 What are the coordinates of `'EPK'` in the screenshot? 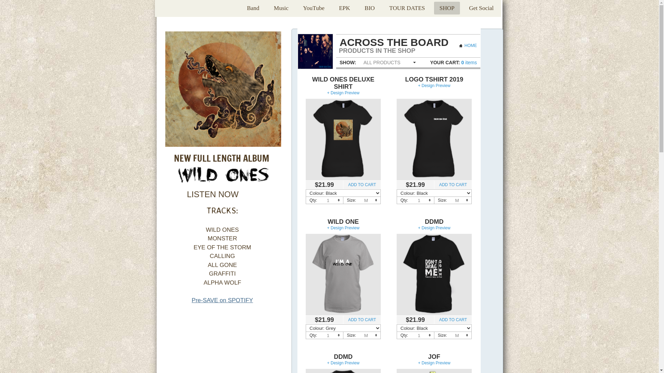 It's located at (344, 8).